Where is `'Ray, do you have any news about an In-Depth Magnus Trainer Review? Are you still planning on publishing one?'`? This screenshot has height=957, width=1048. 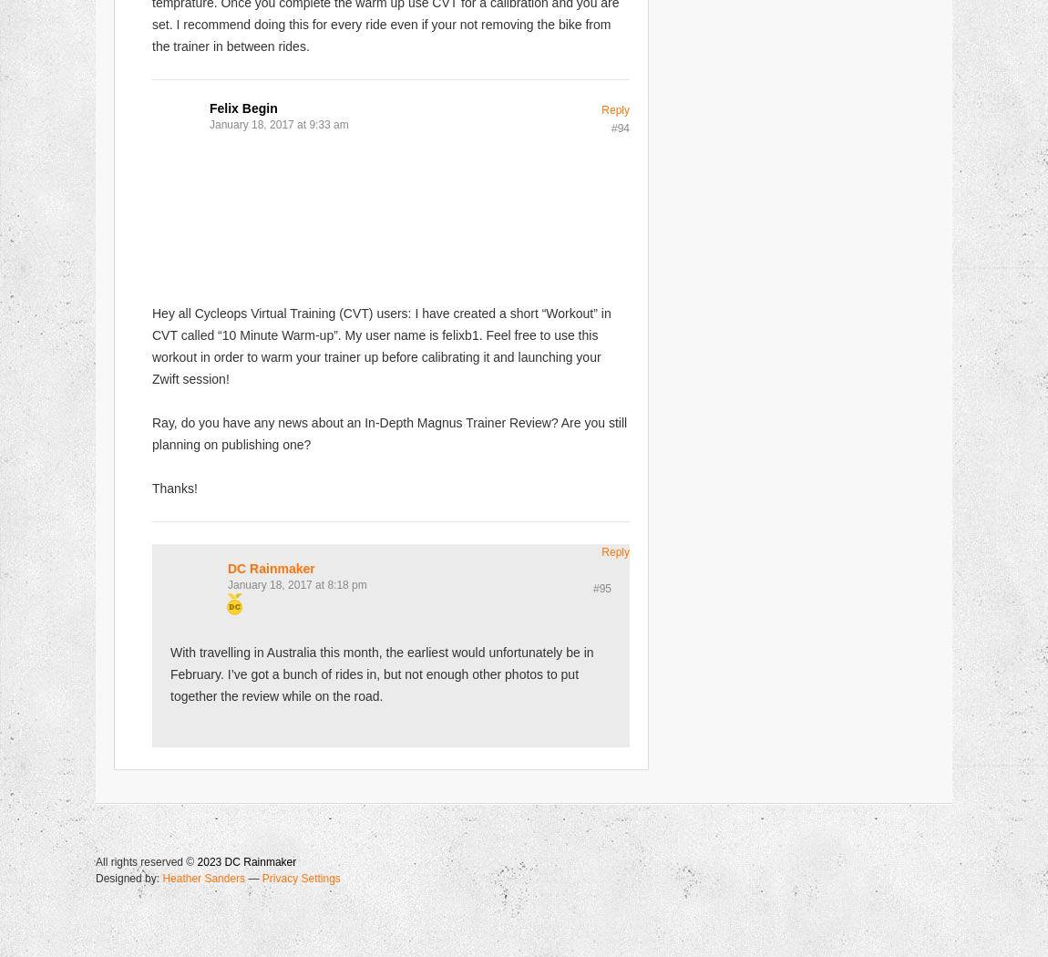 'Ray, do you have any news about an In-Depth Magnus Trainer Review? Are you still planning on publishing one?' is located at coordinates (389, 433).